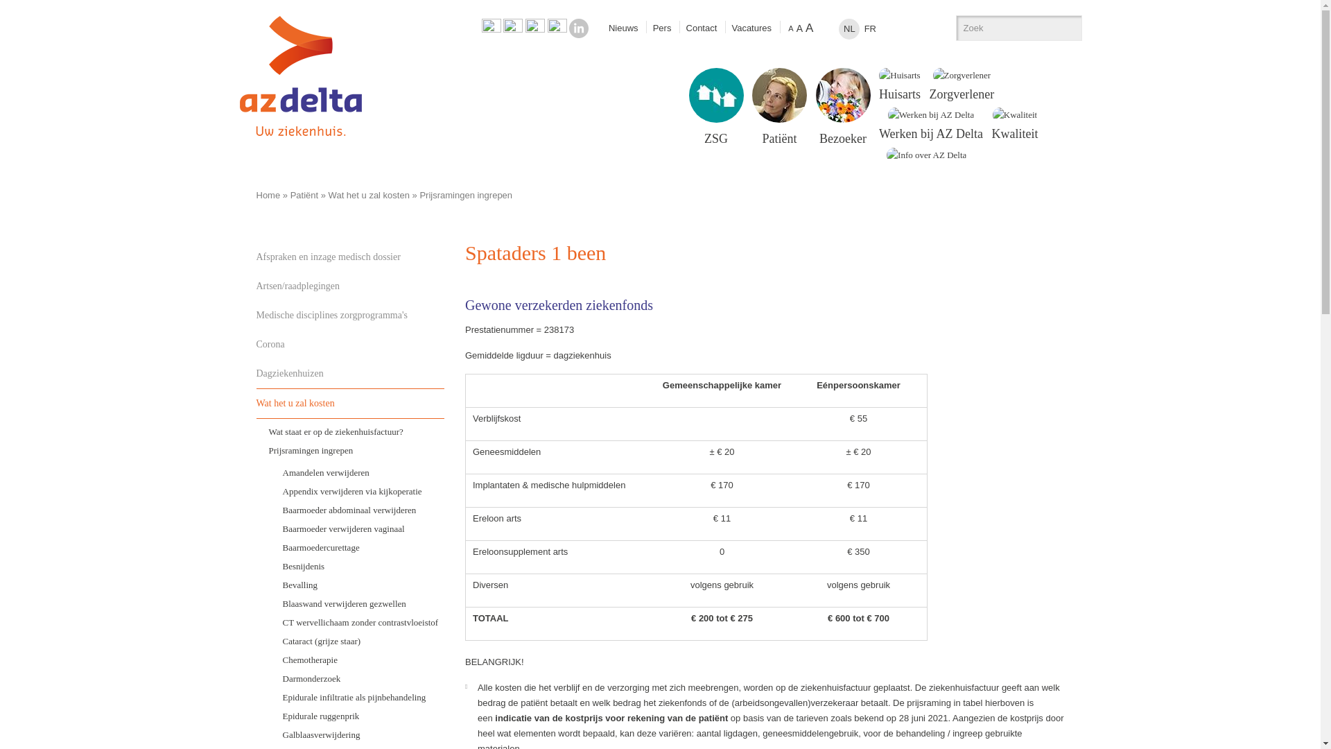  I want to click on 'Afspraken en inzage medisch dossier', so click(350, 257).